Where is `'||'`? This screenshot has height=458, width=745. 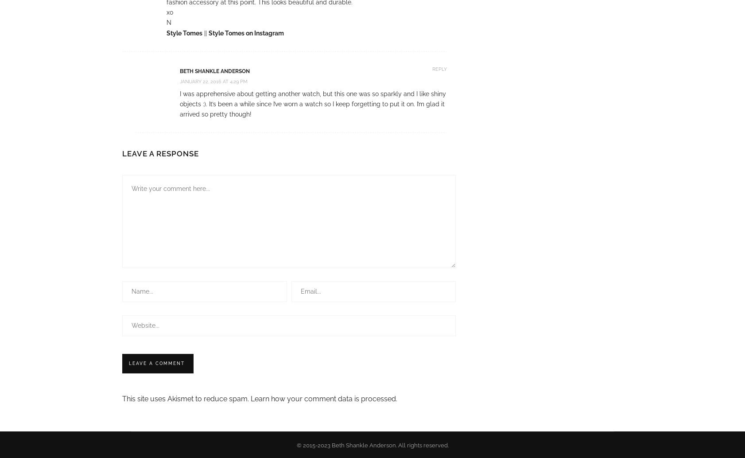
'||' is located at coordinates (202, 32).